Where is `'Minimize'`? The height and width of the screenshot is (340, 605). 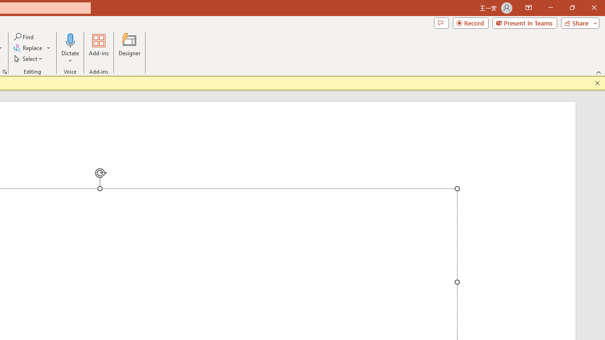
'Minimize' is located at coordinates (550, 8).